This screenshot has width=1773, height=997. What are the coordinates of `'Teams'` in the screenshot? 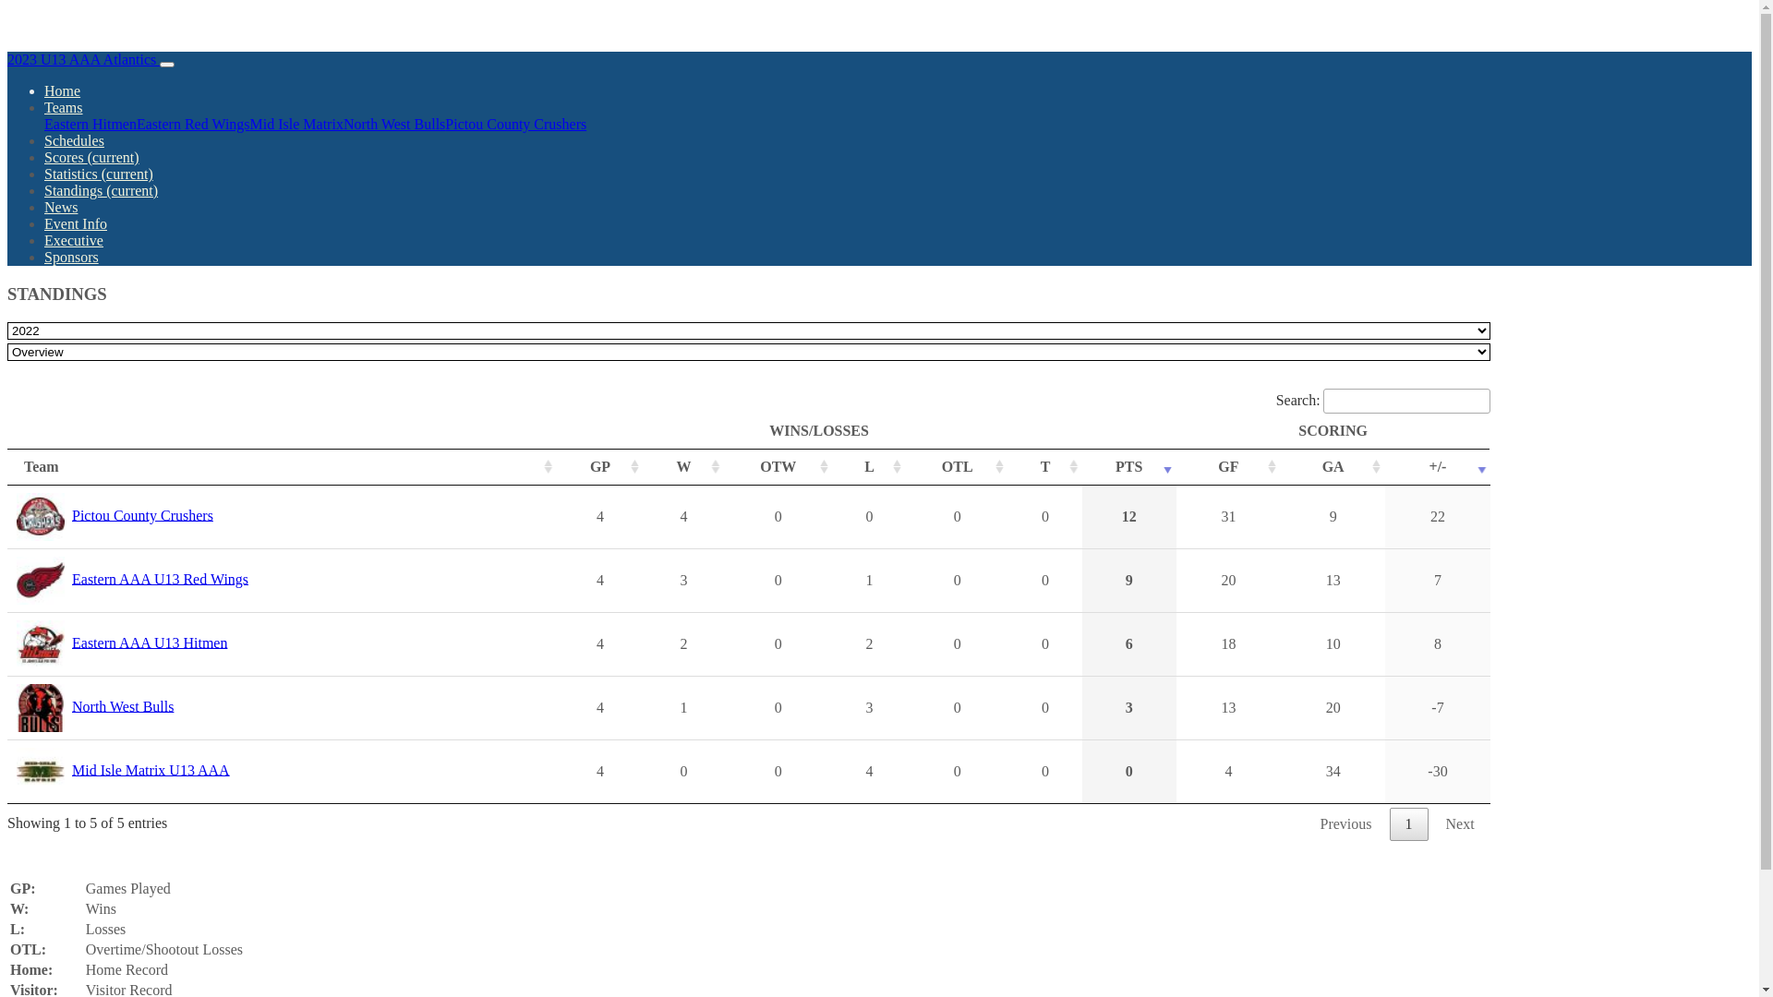 It's located at (44, 107).